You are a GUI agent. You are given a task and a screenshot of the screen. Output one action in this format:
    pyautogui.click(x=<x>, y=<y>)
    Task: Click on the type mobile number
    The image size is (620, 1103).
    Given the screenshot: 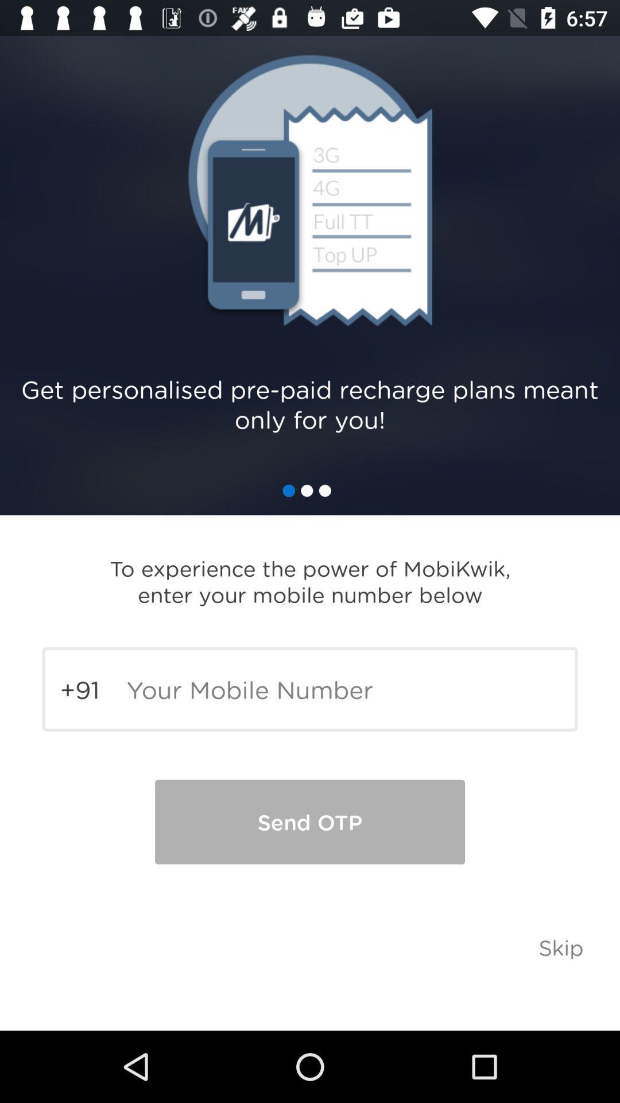 What is the action you would take?
    pyautogui.click(x=310, y=689)
    